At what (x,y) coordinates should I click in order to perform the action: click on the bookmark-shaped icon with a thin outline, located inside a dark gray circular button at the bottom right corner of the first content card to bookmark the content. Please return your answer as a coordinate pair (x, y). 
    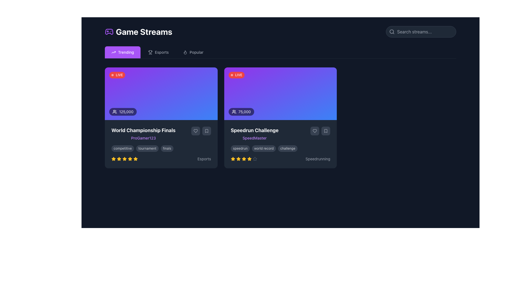
    Looking at the image, I should click on (206, 131).